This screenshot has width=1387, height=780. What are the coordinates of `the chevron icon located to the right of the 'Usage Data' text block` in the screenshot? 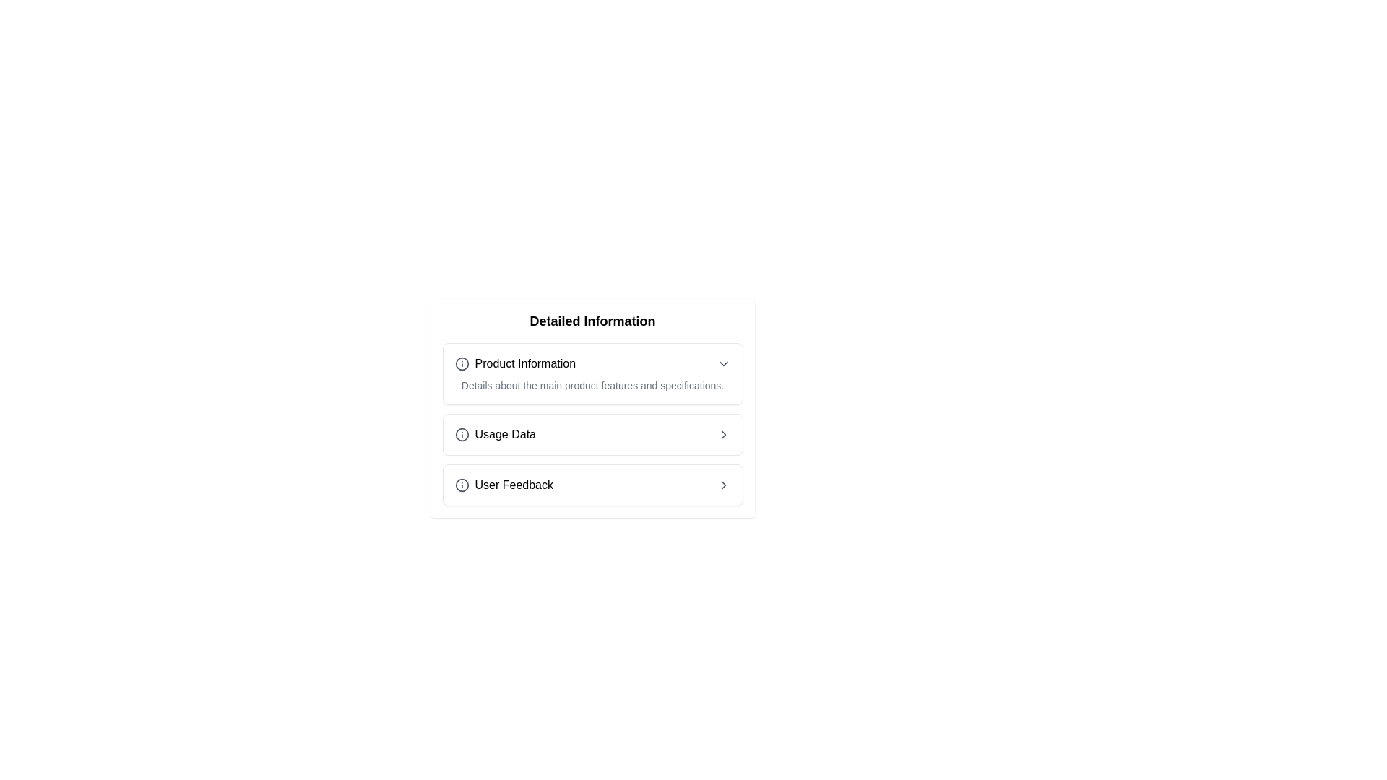 It's located at (723, 485).